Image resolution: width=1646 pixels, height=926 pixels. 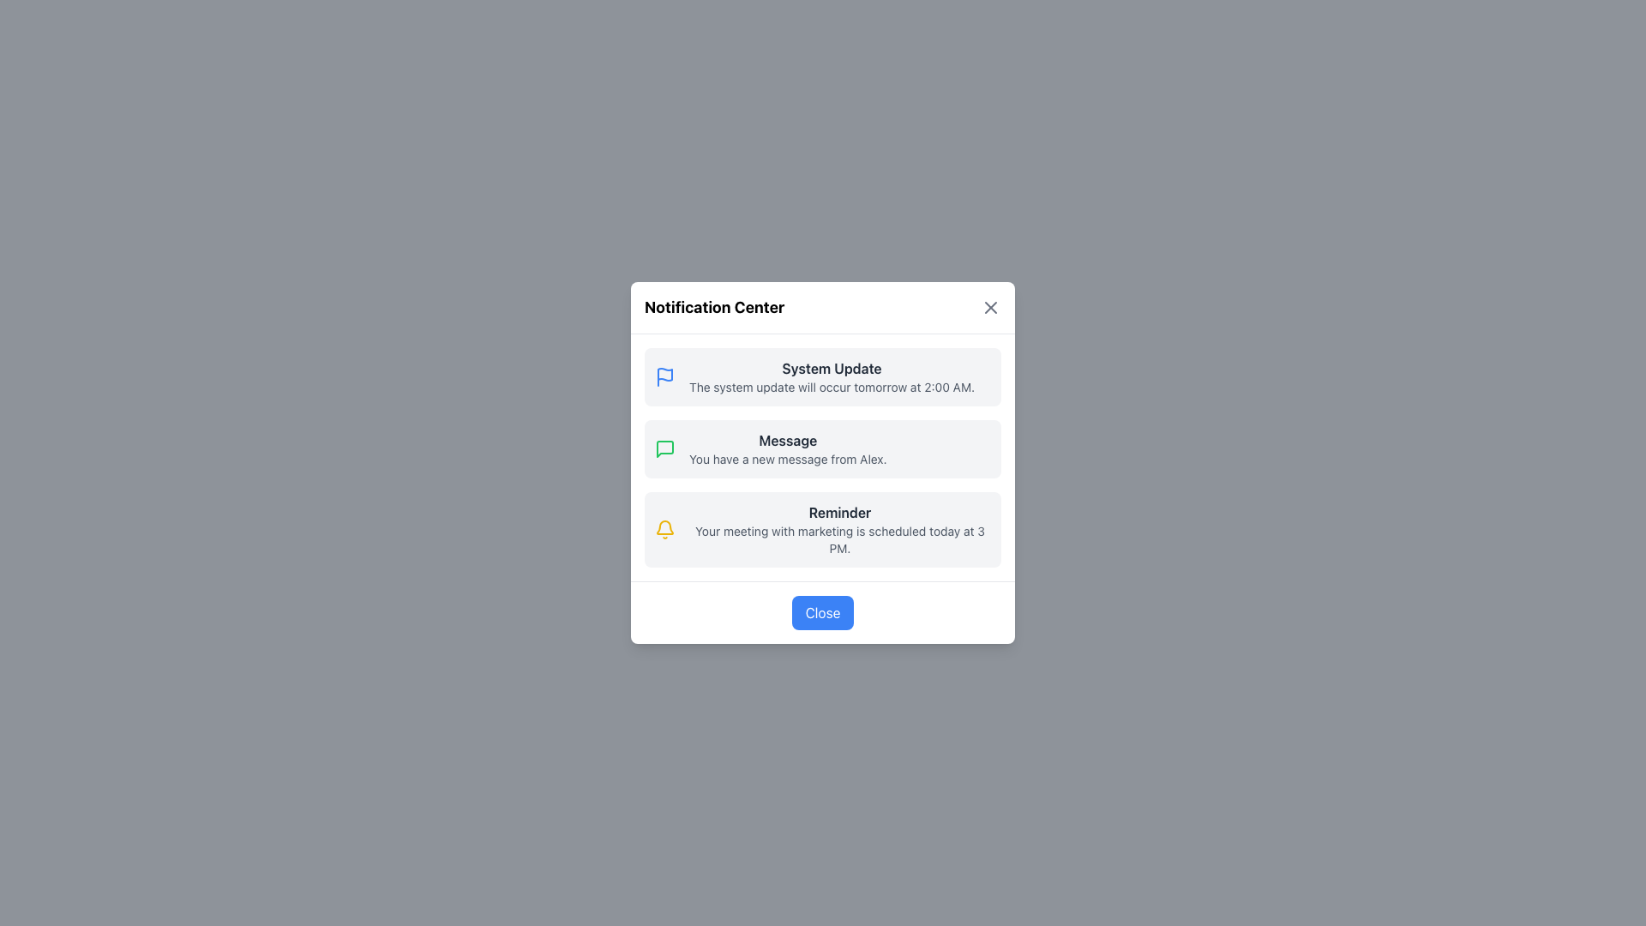 What do you see at coordinates (787, 439) in the screenshot?
I see `the static text label displaying 'Message' in bold, dark gray font, located within a notification card beneath the 'System Update' notification` at bounding box center [787, 439].